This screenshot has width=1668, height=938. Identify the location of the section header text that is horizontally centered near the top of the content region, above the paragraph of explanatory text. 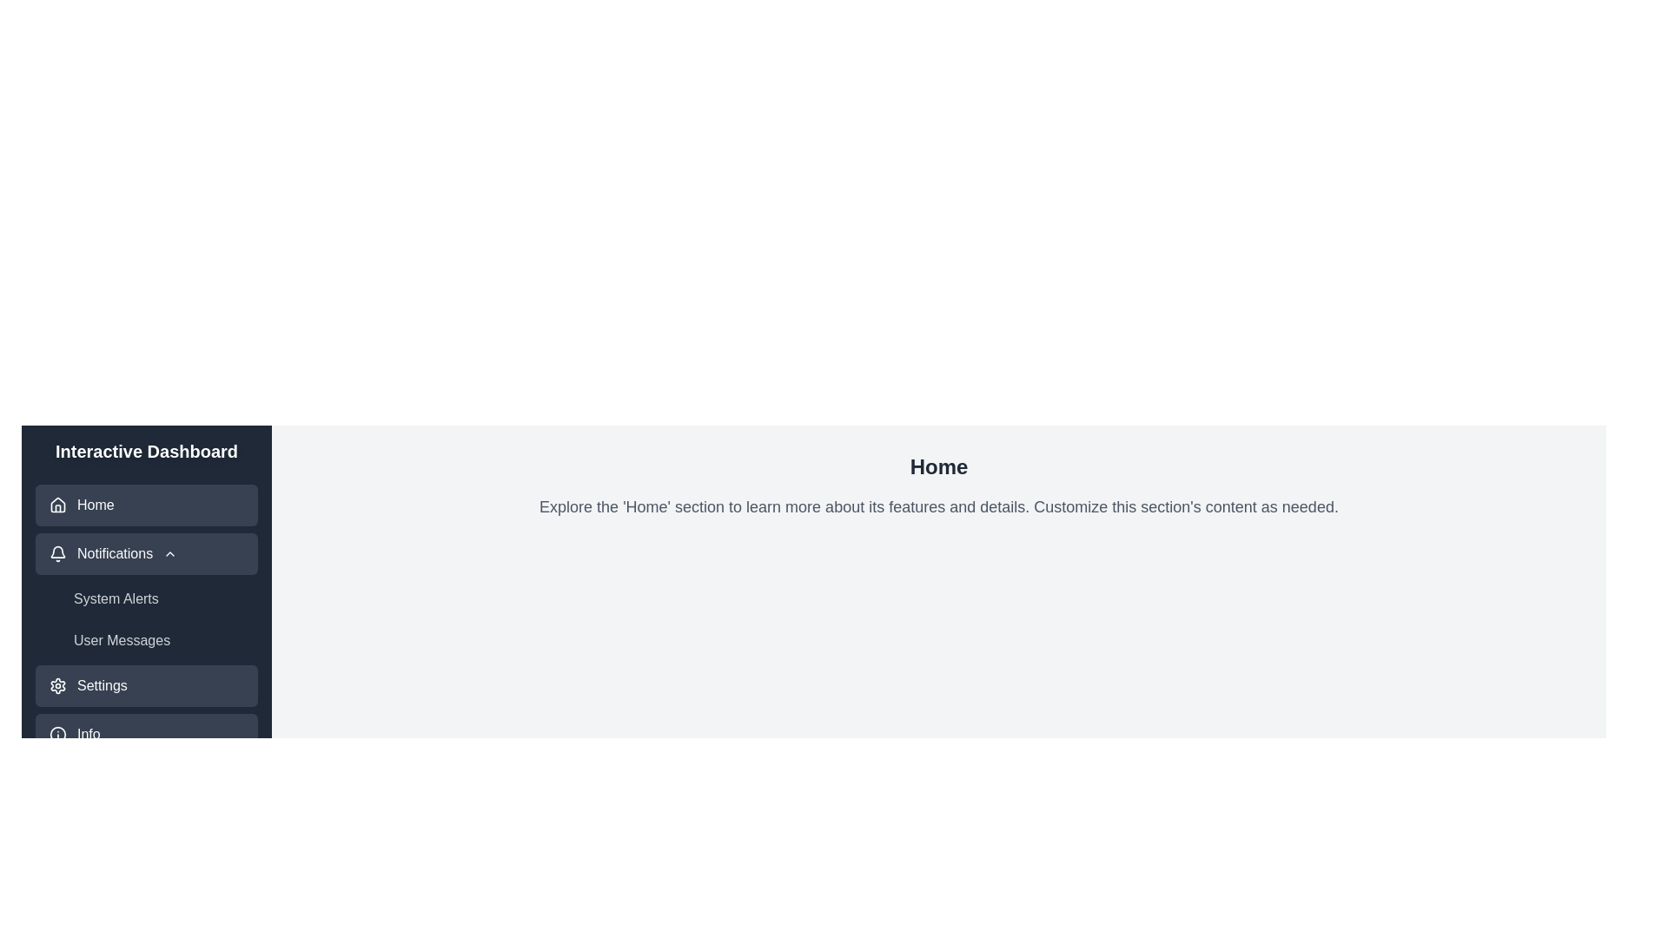
(937, 466).